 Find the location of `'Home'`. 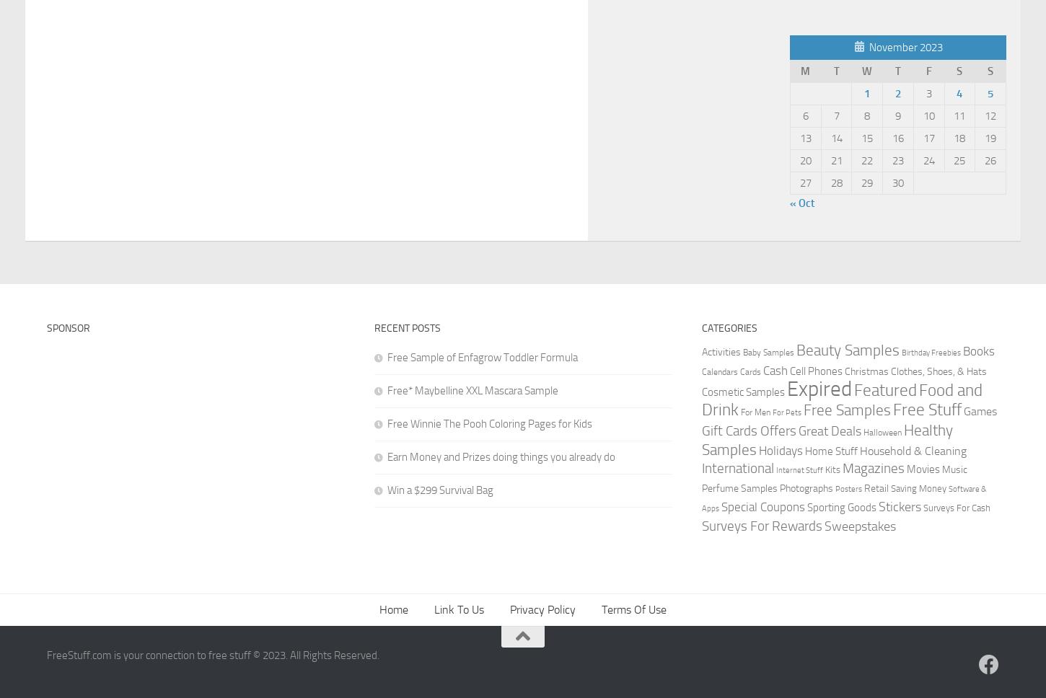

'Home' is located at coordinates (394, 609).